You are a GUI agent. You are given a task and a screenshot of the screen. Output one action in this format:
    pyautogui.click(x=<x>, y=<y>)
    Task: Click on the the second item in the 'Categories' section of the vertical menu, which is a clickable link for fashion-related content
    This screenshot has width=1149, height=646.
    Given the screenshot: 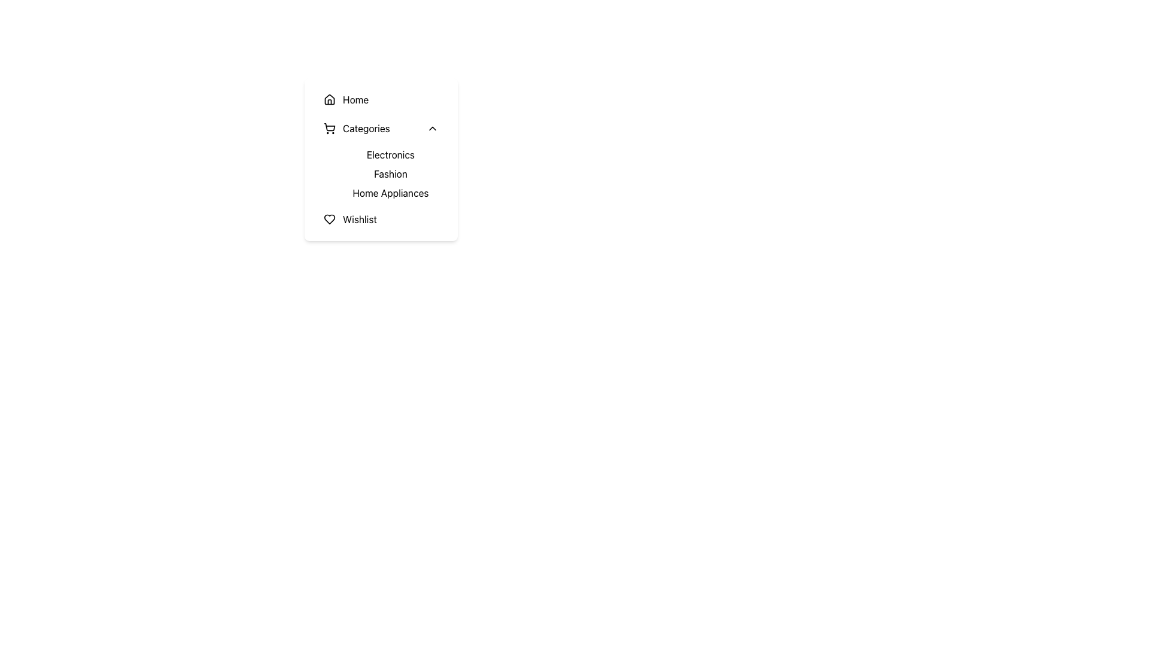 What is the action you would take?
    pyautogui.click(x=390, y=173)
    